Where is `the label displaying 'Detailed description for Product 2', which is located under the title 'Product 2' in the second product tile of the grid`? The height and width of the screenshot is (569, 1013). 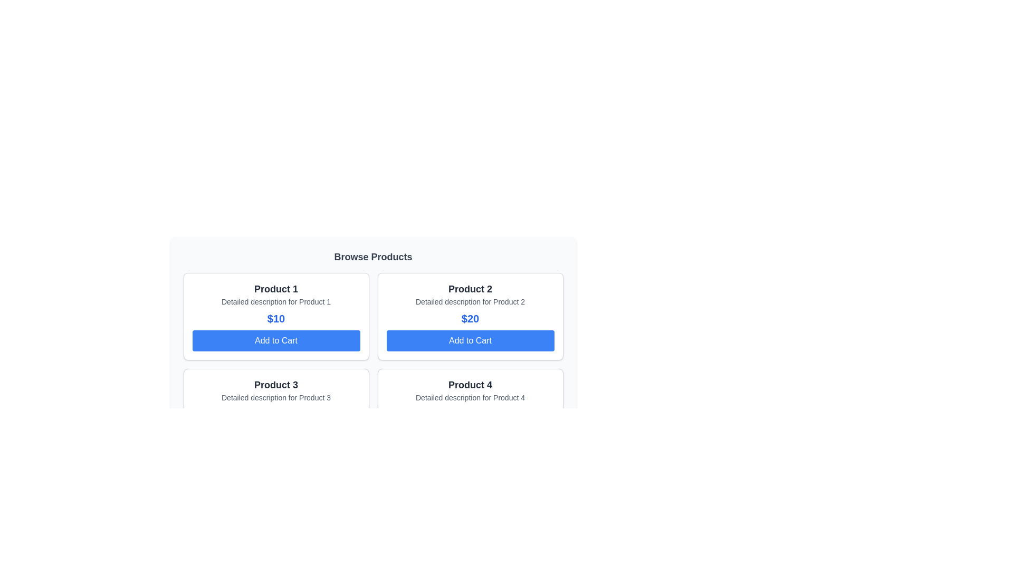
the label displaying 'Detailed description for Product 2', which is located under the title 'Product 2' in the second product tile of the grid is located at coordinates (470, 302).